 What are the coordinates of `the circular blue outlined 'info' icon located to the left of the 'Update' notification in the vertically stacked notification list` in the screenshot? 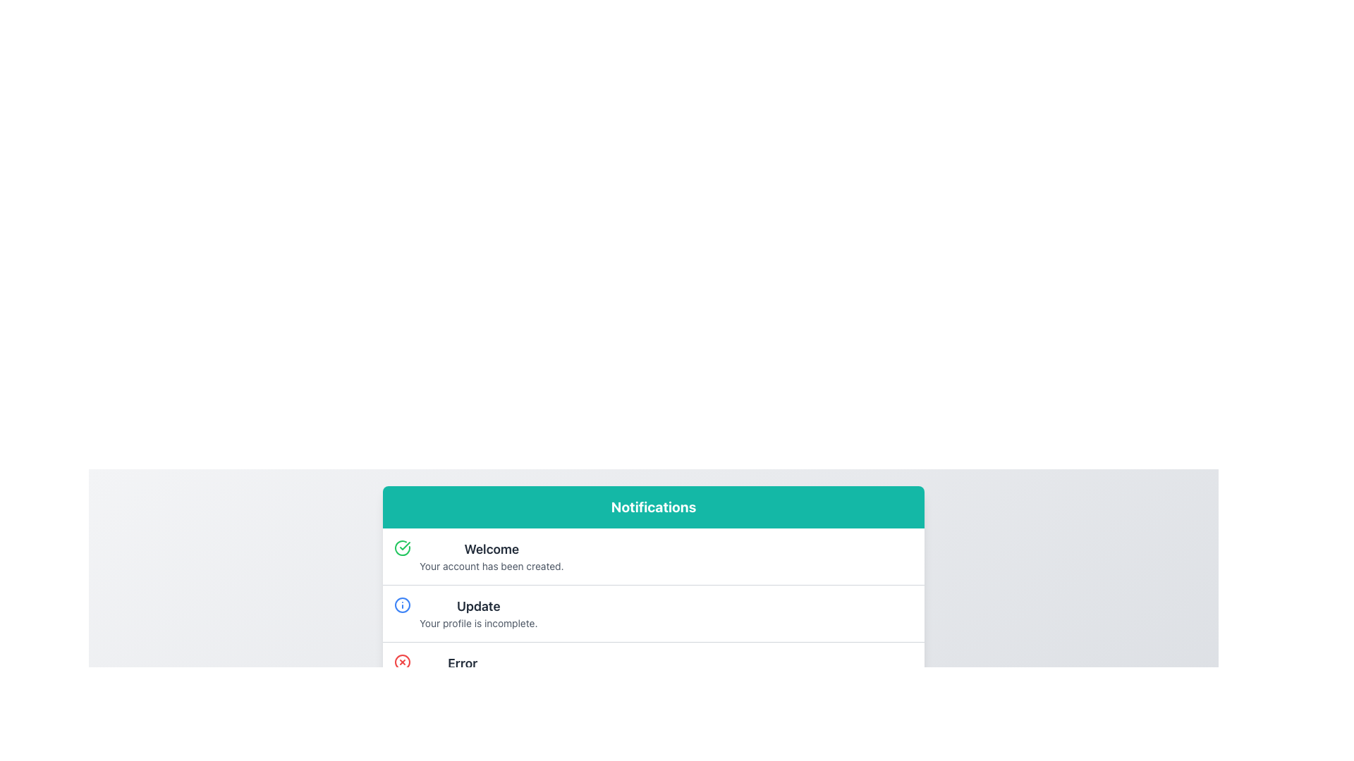 It's located at (402, 605).